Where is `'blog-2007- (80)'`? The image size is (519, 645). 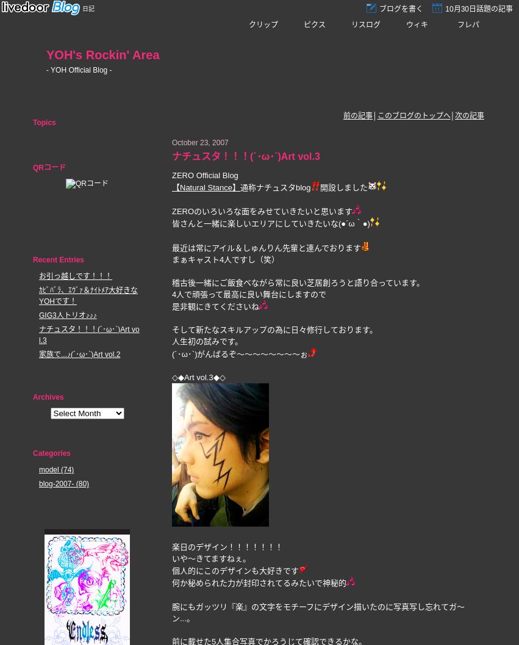 'blog-2007- (80)' is located at coordinates (63, 483).